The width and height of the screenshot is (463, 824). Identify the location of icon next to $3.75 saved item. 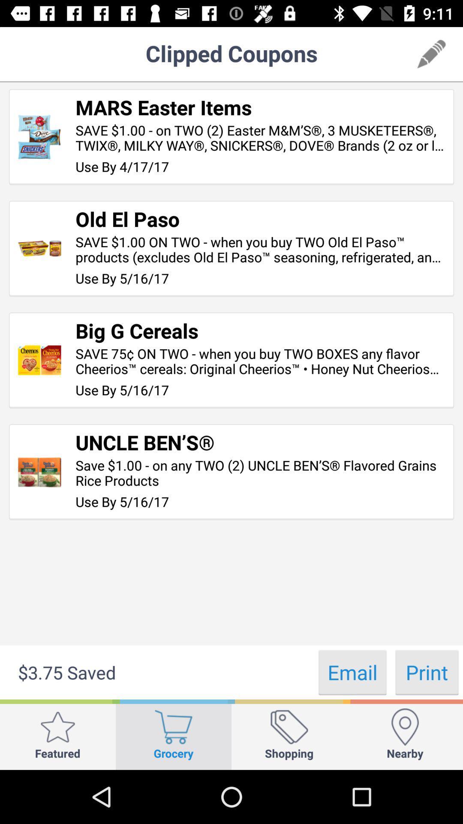
(352, 672).